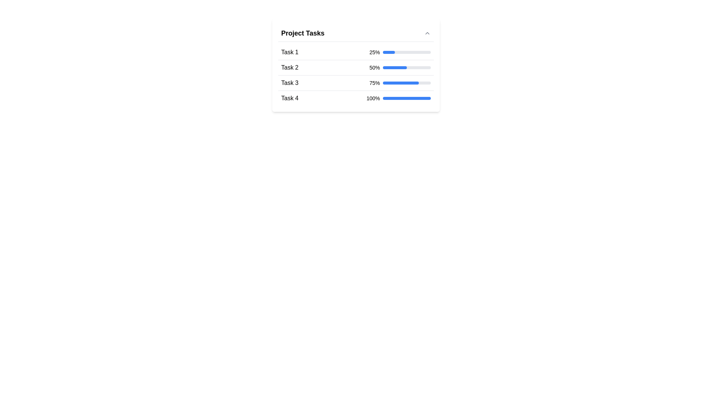 The image size is (718, 404). I want to click on the progress bar indicating 50% completion for 'Task 2' in the project management list, so click(406, 68).